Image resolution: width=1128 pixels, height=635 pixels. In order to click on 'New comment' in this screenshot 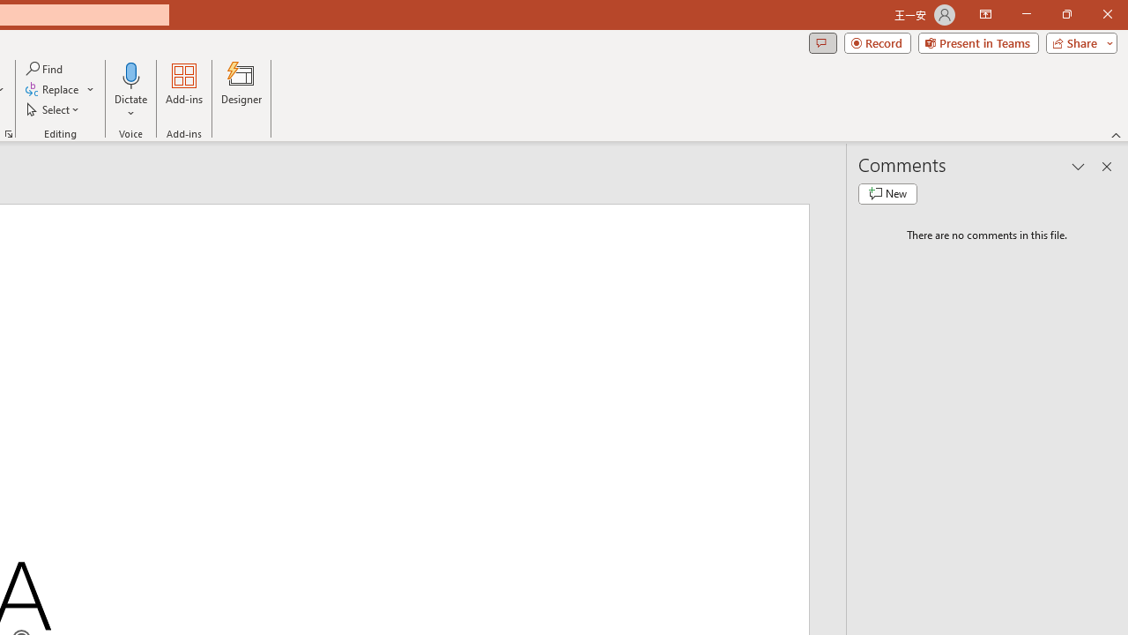, I will do `click(887, 193)`.